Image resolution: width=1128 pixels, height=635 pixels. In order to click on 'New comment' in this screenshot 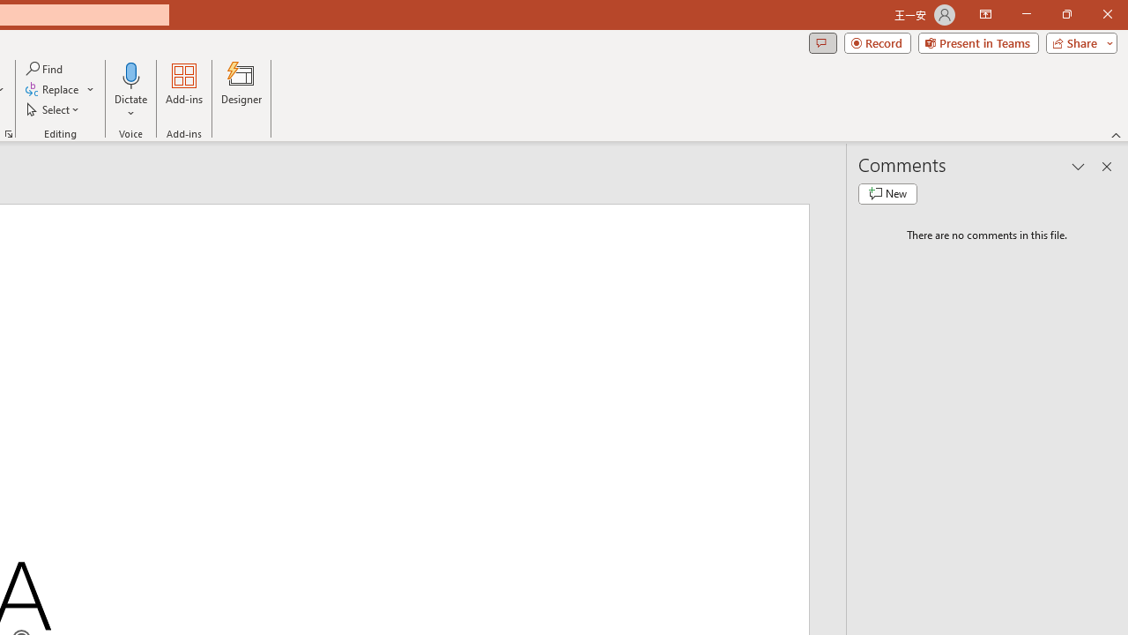, I will do `click(887, 193)`.